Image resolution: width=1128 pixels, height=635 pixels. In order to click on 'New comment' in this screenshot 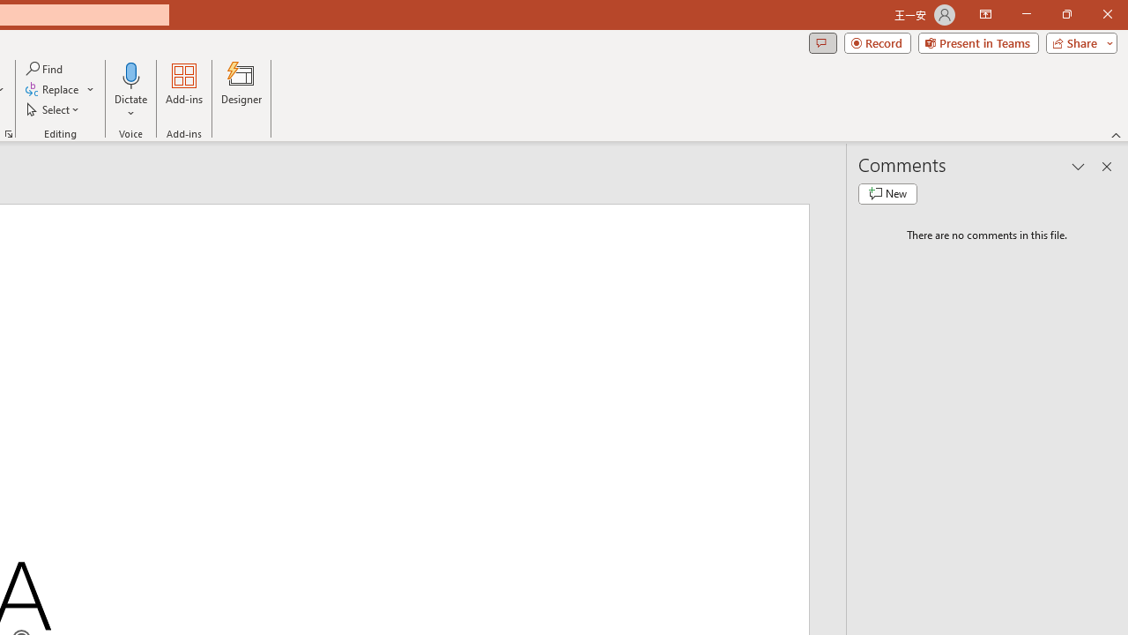, I will do `click(887, 193)`.